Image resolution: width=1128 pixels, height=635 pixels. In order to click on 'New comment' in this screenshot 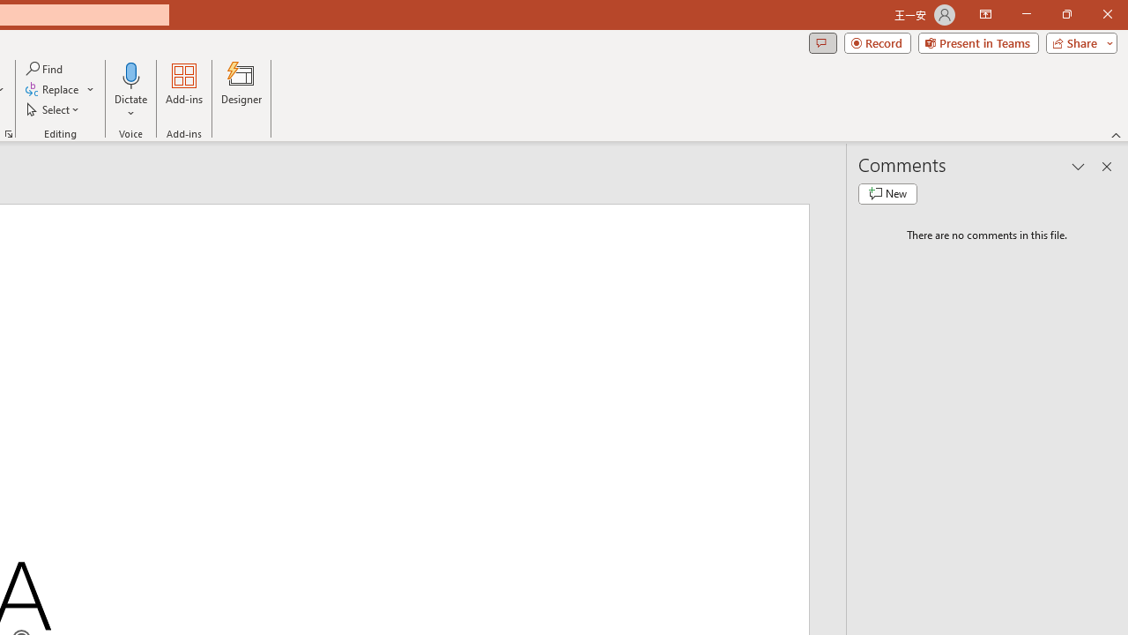, I will do `click(887, 193)`.